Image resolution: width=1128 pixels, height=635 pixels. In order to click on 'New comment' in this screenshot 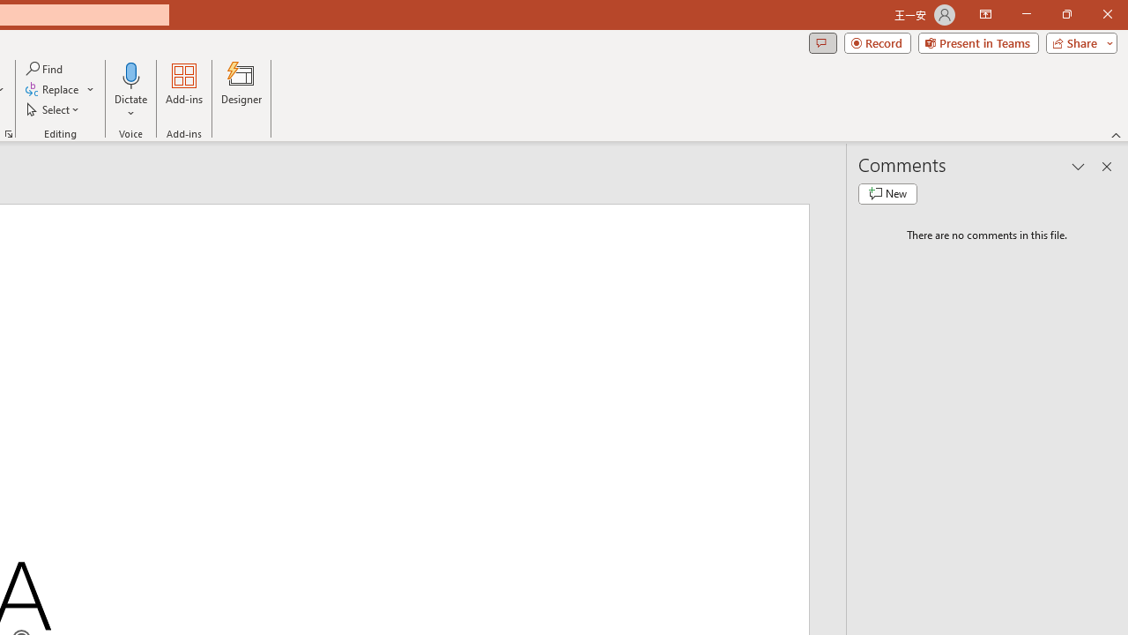, I will do `click(887, 193)`.